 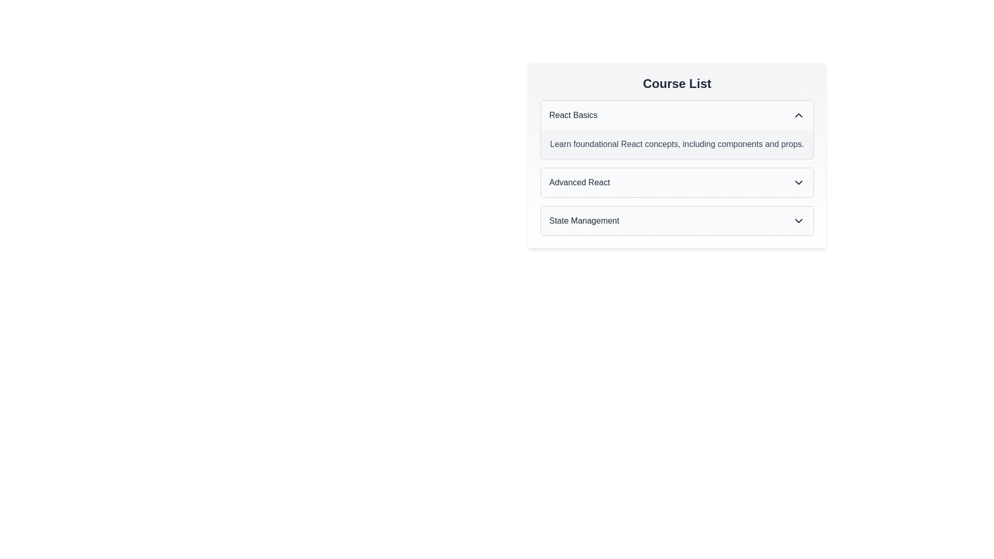 I want to click on the collapsible section element titled 'Advanced React', so click(x=677, y=167).